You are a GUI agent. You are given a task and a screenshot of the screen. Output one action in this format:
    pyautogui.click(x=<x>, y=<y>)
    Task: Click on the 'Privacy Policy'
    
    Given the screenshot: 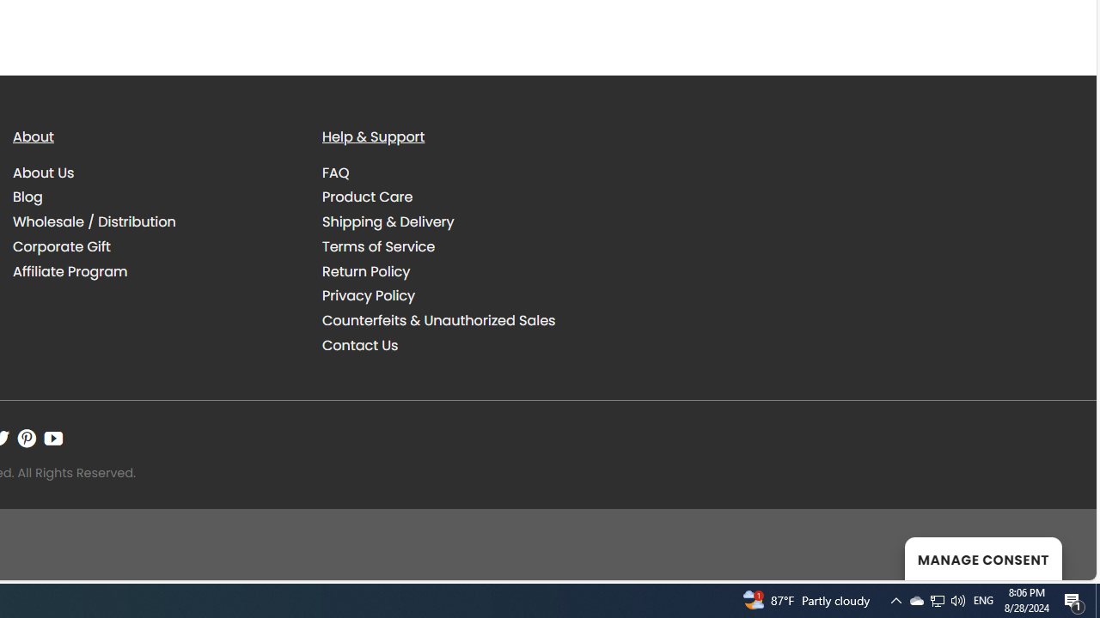 What is the action you would take?
    pyautogui.click(x=368, y=294)
    